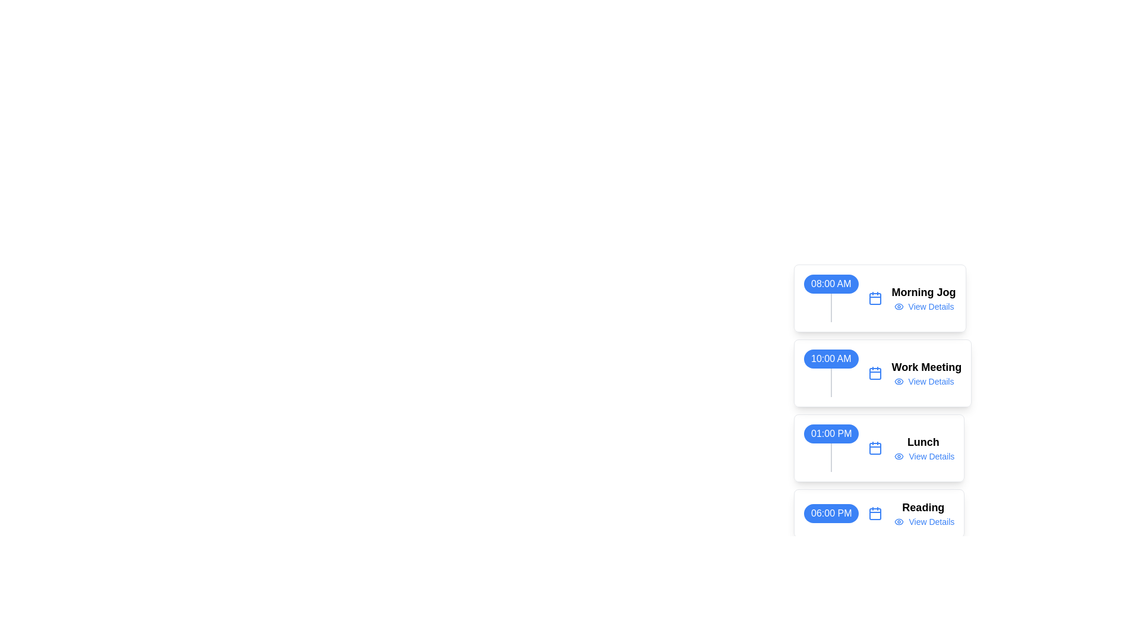 Image resolution: width=1141 pixels, height=642 pixels. Describe the element at coordinates (830, 297) in the screenshot. I see `the Label (Time Badge) indicating the starting time of the event 'Morning Jog'` at that location.